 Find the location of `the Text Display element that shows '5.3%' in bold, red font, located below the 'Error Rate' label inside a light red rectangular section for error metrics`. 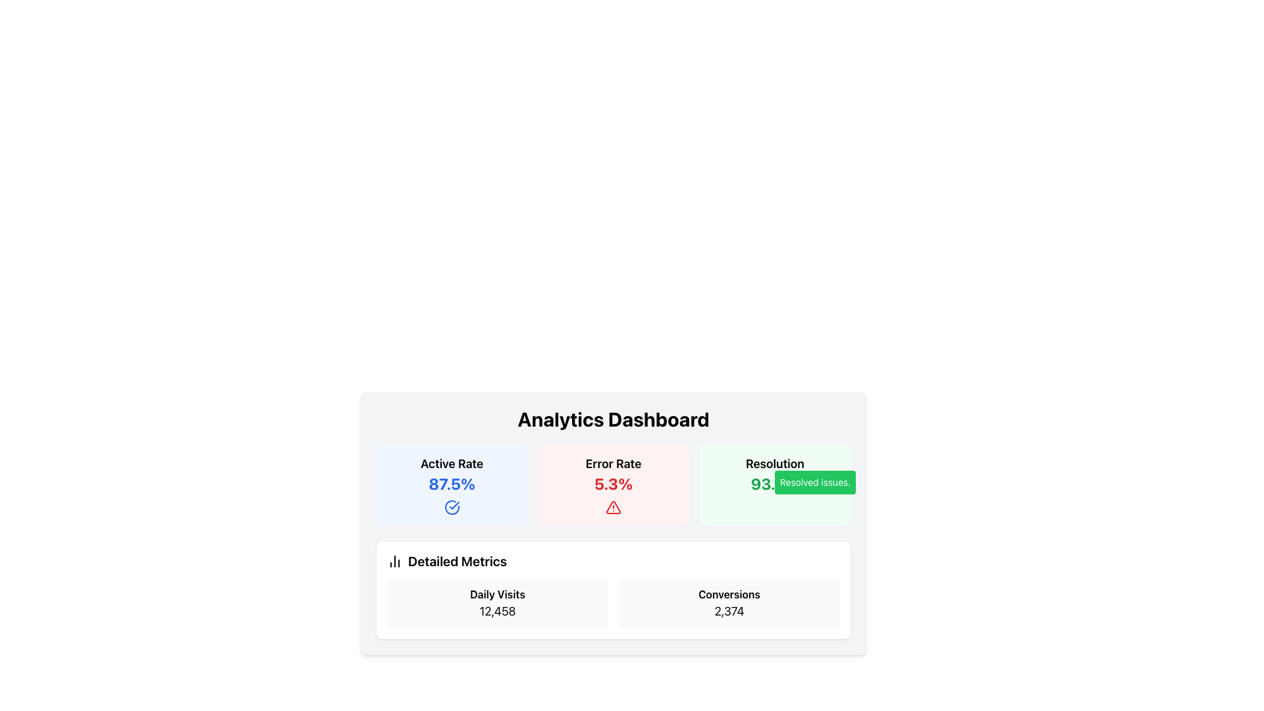

the Text Display element that shows '5.3%' in bold, red font, located below the 'Error Rate' label inside a light red rectangular section for error metrics is located at coordinates (612, 484).